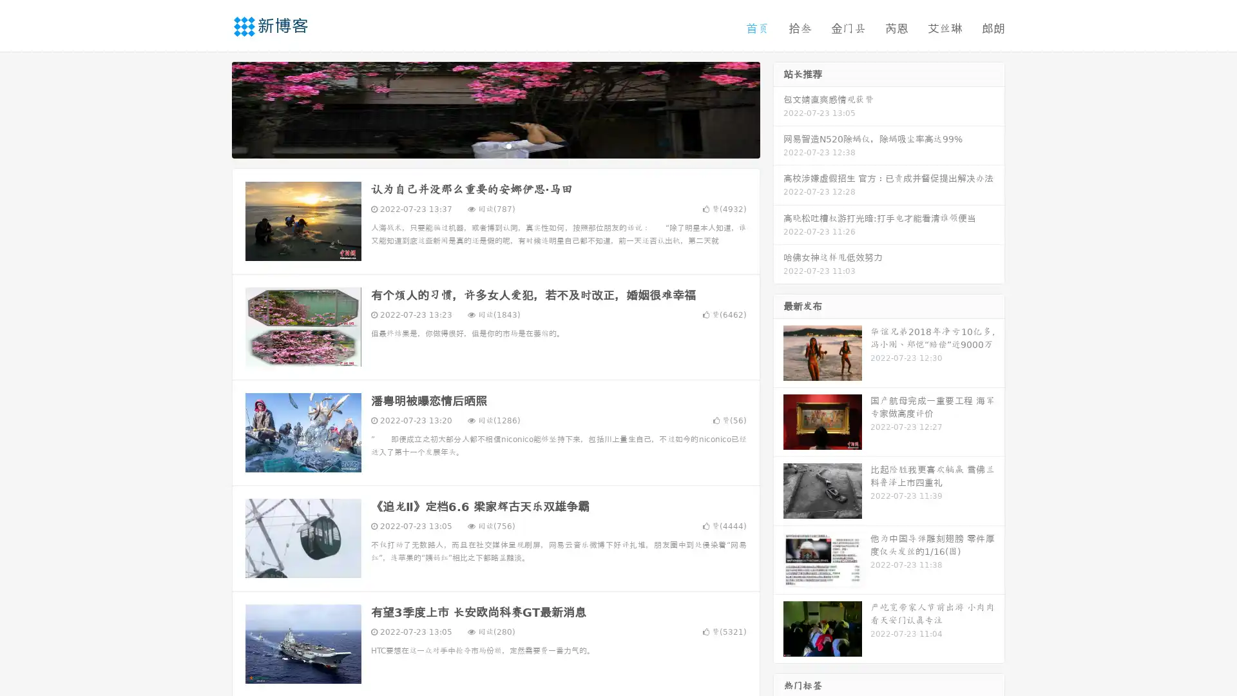  Describe the element at coordinates (495, 145) in the screenshot. I see `Go to slide 2` at that location.